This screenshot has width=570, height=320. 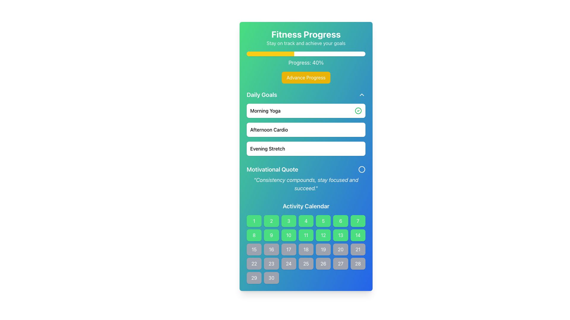 I want to click on the Calendar grid item displaying the number '17' in white text on a grey background, located in the third row and third column of the 'Activity Calendar' section, so click(x=289, y=249).